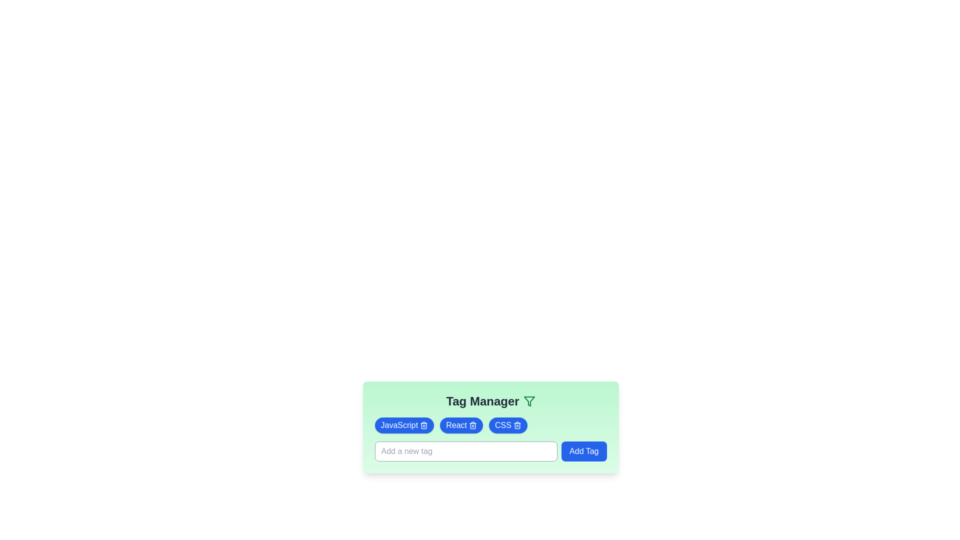  I want to click on the 'CSS' label, which is the third tag in a horizontal group of tags, located between the 'React' tag and a delete icon, so click(503, 425).